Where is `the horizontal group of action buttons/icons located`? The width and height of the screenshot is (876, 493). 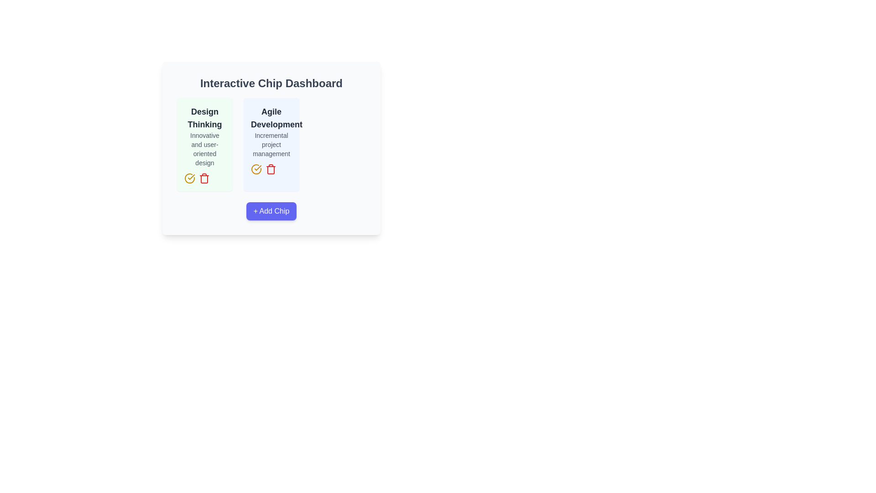 the horizontal group of action buttons/icons located is located at coordinates (271, 169).